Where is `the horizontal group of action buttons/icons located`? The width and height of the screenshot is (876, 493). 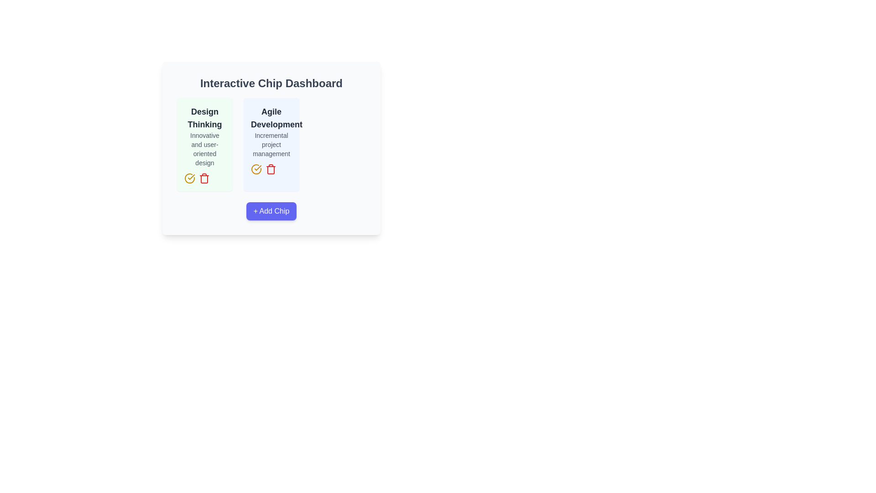 the horizontal group of action buttons/icons located is located at coordinates (271, 169).